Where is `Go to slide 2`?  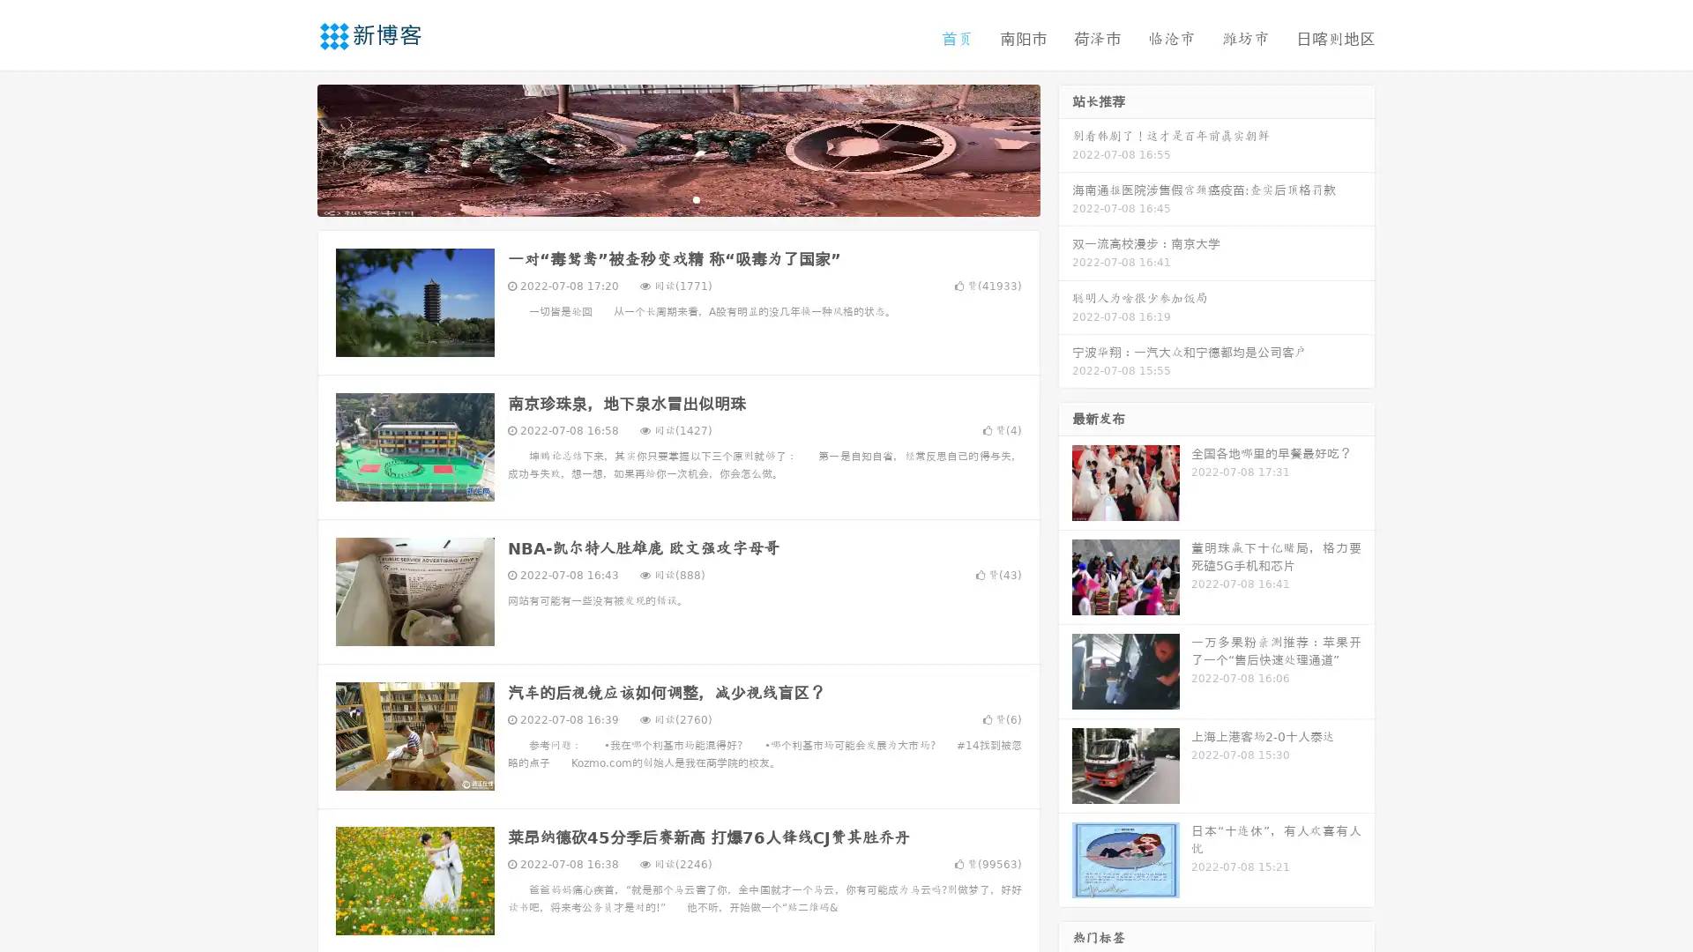
Go to slide 2 is located at coordinates (677, 198).